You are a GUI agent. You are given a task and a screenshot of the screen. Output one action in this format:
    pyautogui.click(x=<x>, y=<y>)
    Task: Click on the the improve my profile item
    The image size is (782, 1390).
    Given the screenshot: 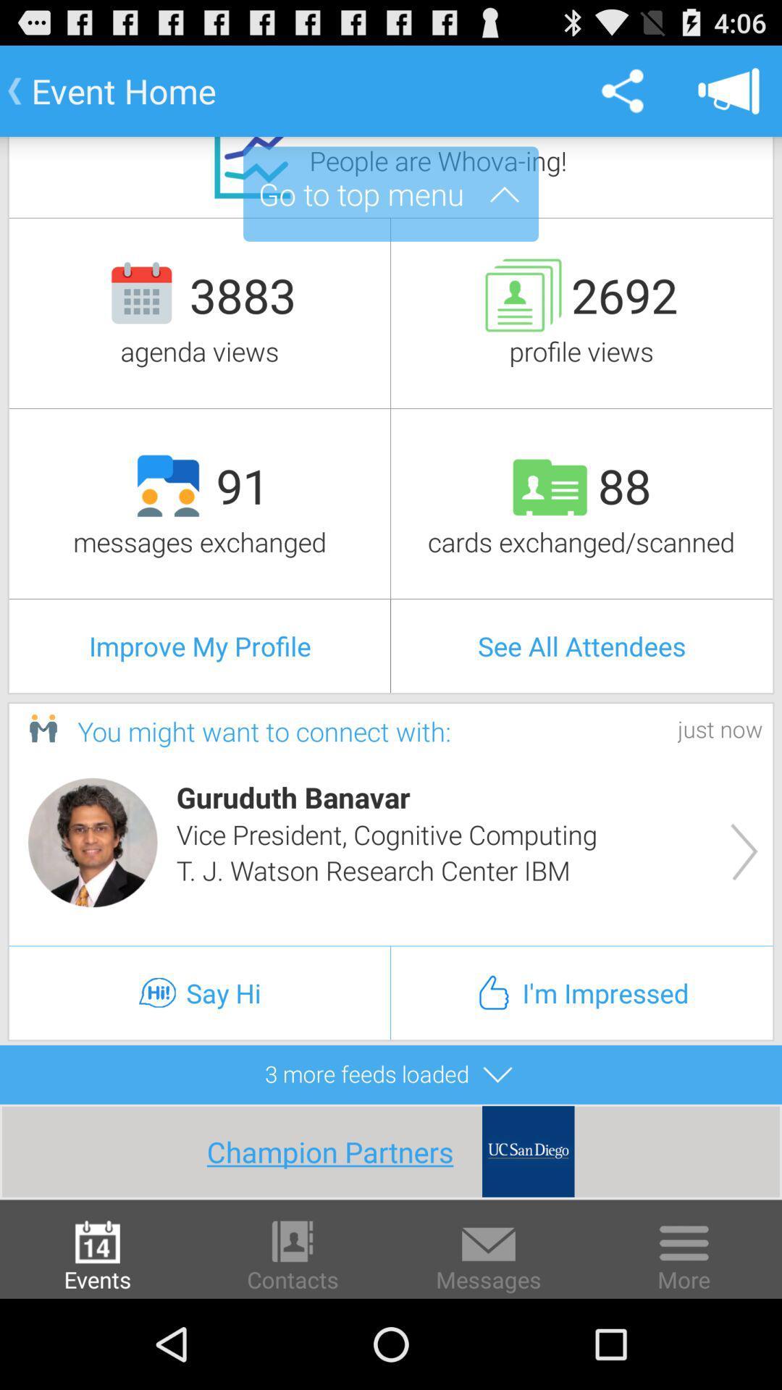 What is the action you would take?
    pyautogui.click(x=200, y=645)
    